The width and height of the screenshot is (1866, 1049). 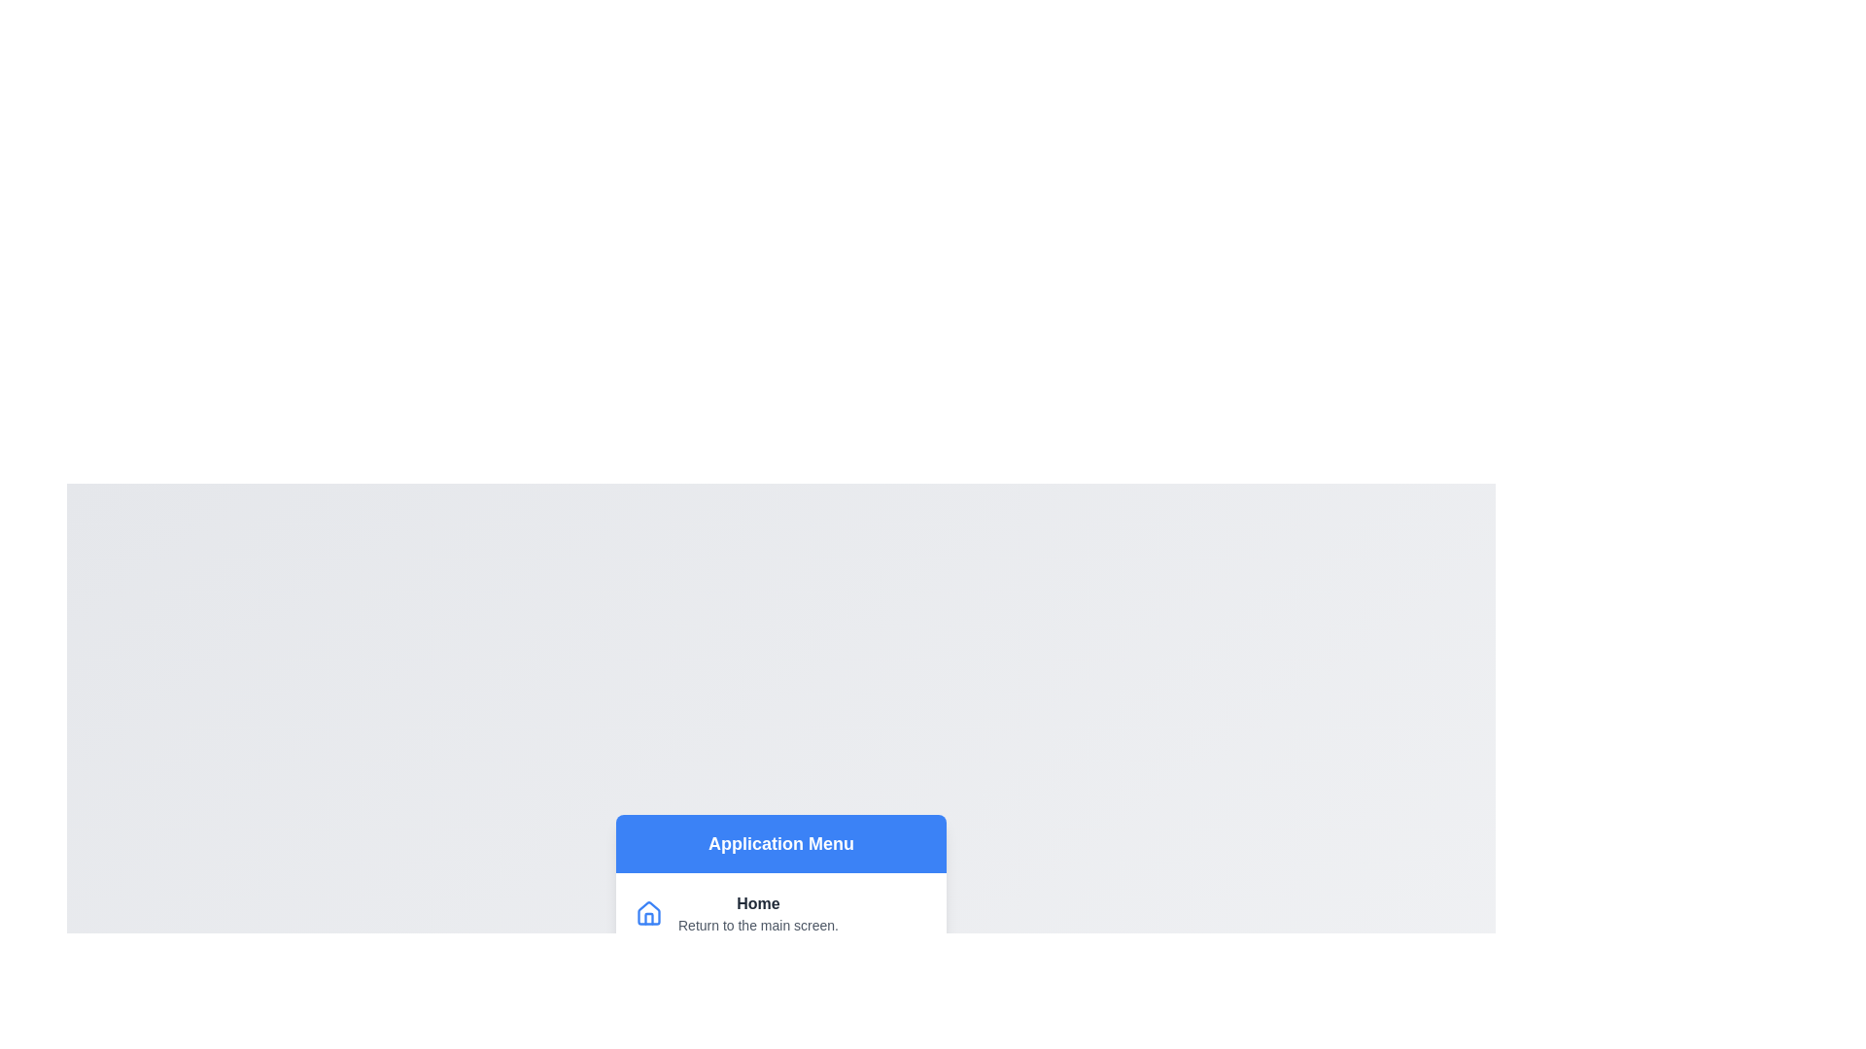 What do you see at coordinates (781, 913) in the screenshot?
I see `the menu item labeled 'Home' to view its hover effects` at bounding box center [781, 913].